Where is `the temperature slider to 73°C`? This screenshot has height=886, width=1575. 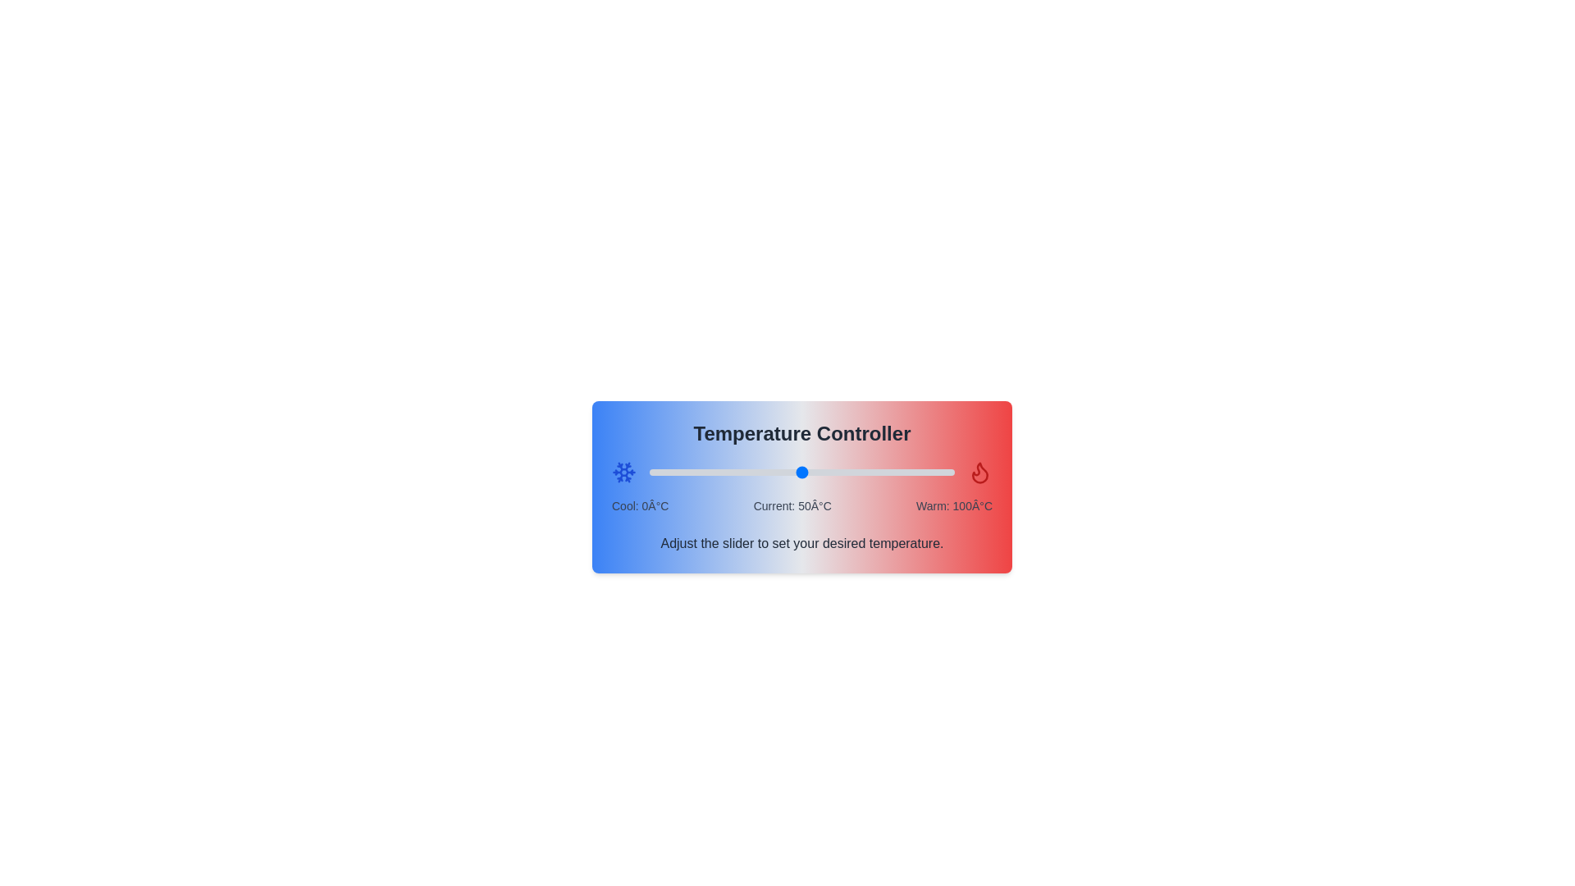 the temperature slider to 73°C is located at coordinates (871, 472).